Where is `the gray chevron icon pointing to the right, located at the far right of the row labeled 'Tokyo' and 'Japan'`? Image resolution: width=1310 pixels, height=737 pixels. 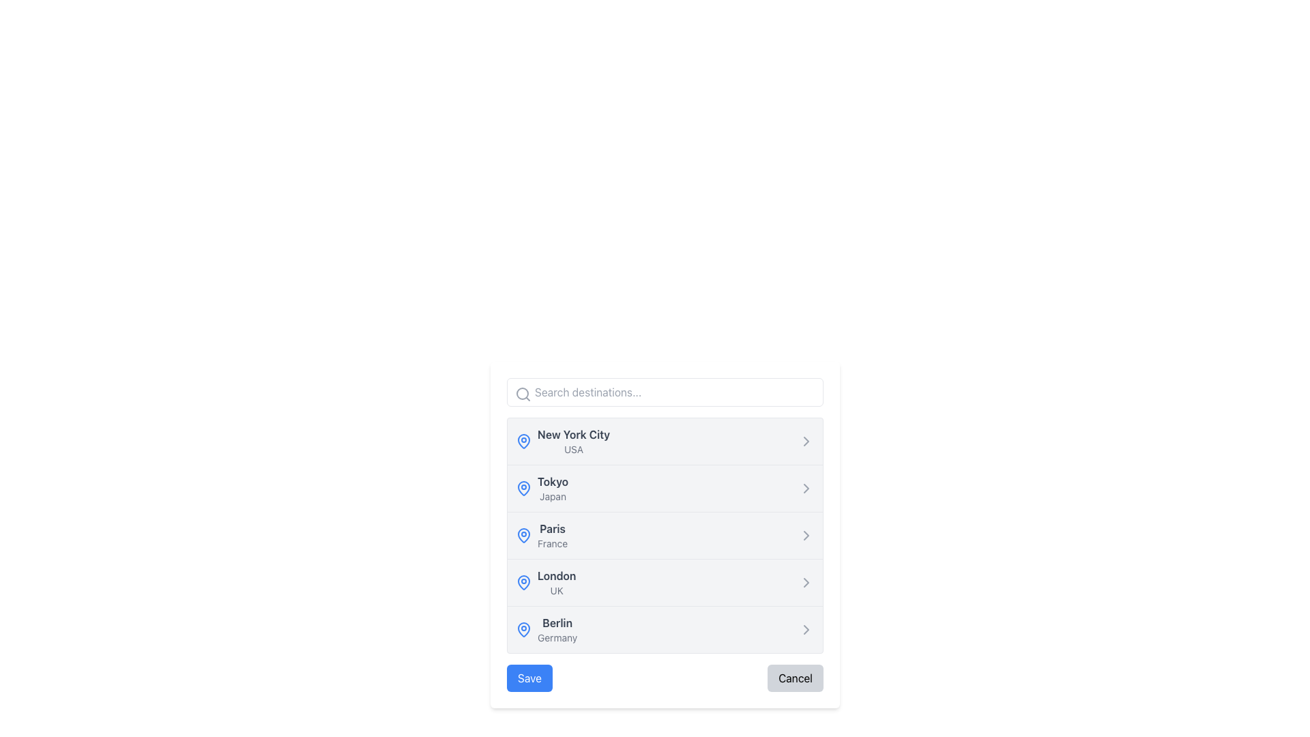 the gray chevron icon pointing to the right, located at the far right of the row labeled 'Tokyo' and 'Japan' is located at coordinates (806, 488).